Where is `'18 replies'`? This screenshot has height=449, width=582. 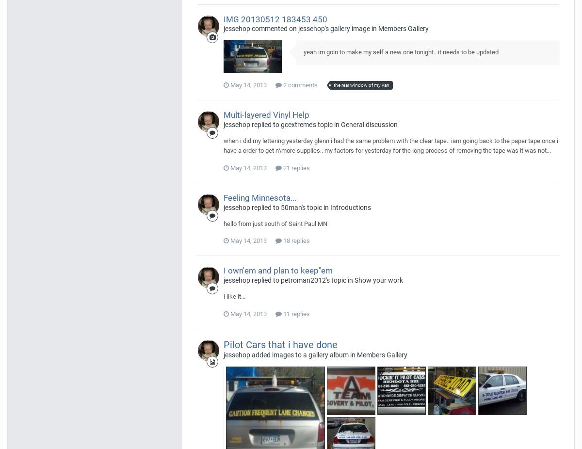
'18 replies' is located at coordinates (295, 240).